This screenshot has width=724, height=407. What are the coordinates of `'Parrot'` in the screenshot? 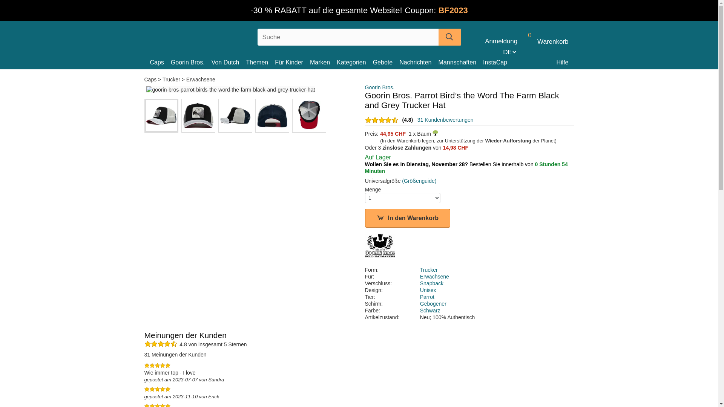 It's located at (427, 296).